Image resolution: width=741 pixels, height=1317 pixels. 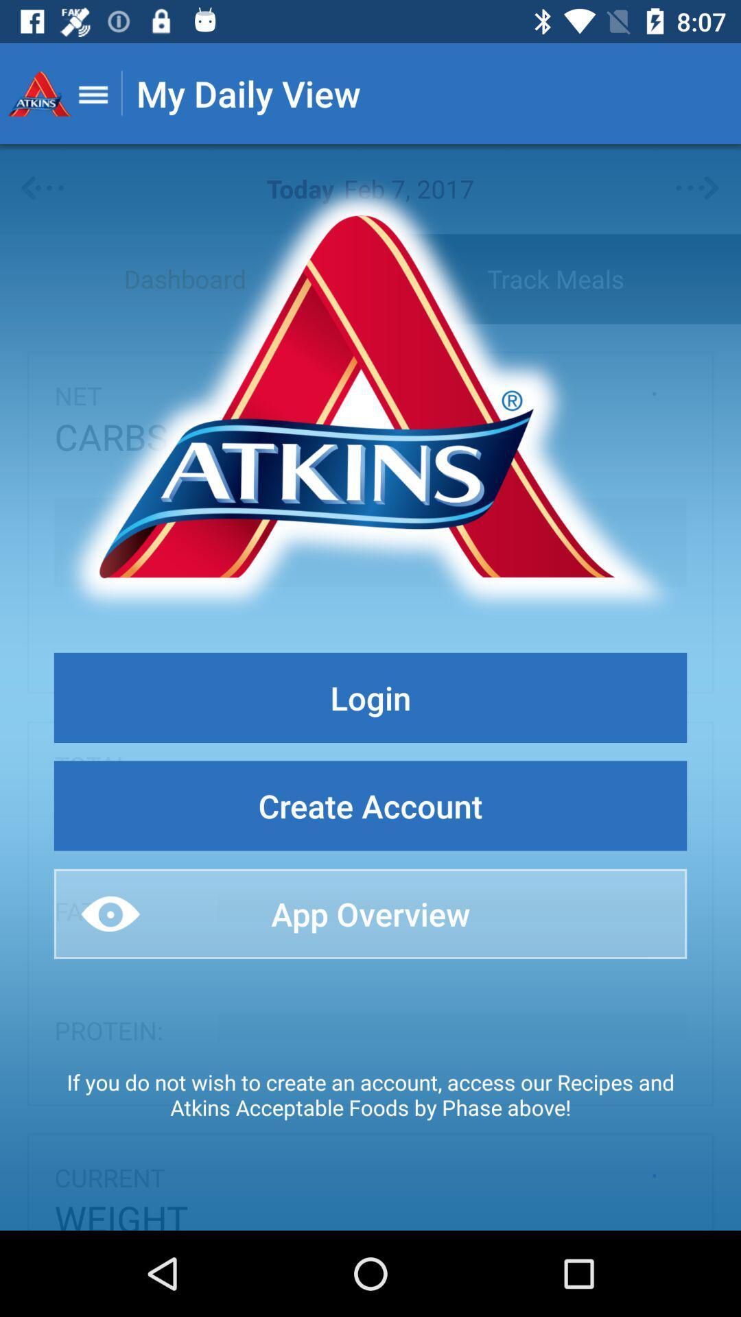 I want to click on the arrow_forward icon, so click(x=698, y=188).